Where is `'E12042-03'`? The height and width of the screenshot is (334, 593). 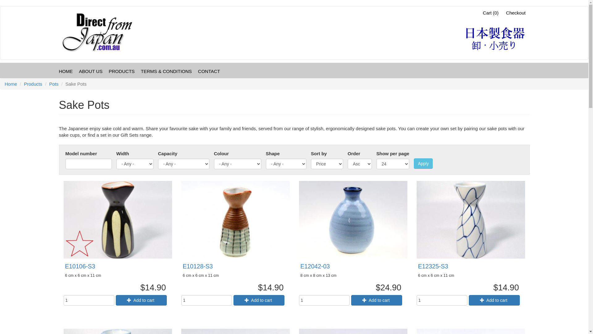
'E12042-03' is located at coordinates (315, 266).